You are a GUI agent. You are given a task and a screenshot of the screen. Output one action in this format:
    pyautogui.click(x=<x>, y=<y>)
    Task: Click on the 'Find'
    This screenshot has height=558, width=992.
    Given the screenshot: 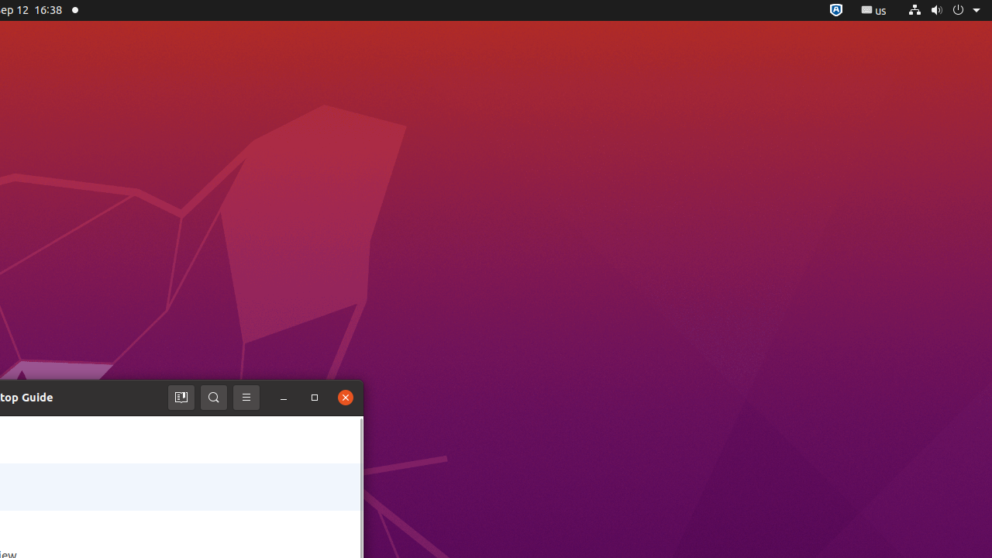 What is the action you would take?
    pyautogui.click(x=212, y=397)
    